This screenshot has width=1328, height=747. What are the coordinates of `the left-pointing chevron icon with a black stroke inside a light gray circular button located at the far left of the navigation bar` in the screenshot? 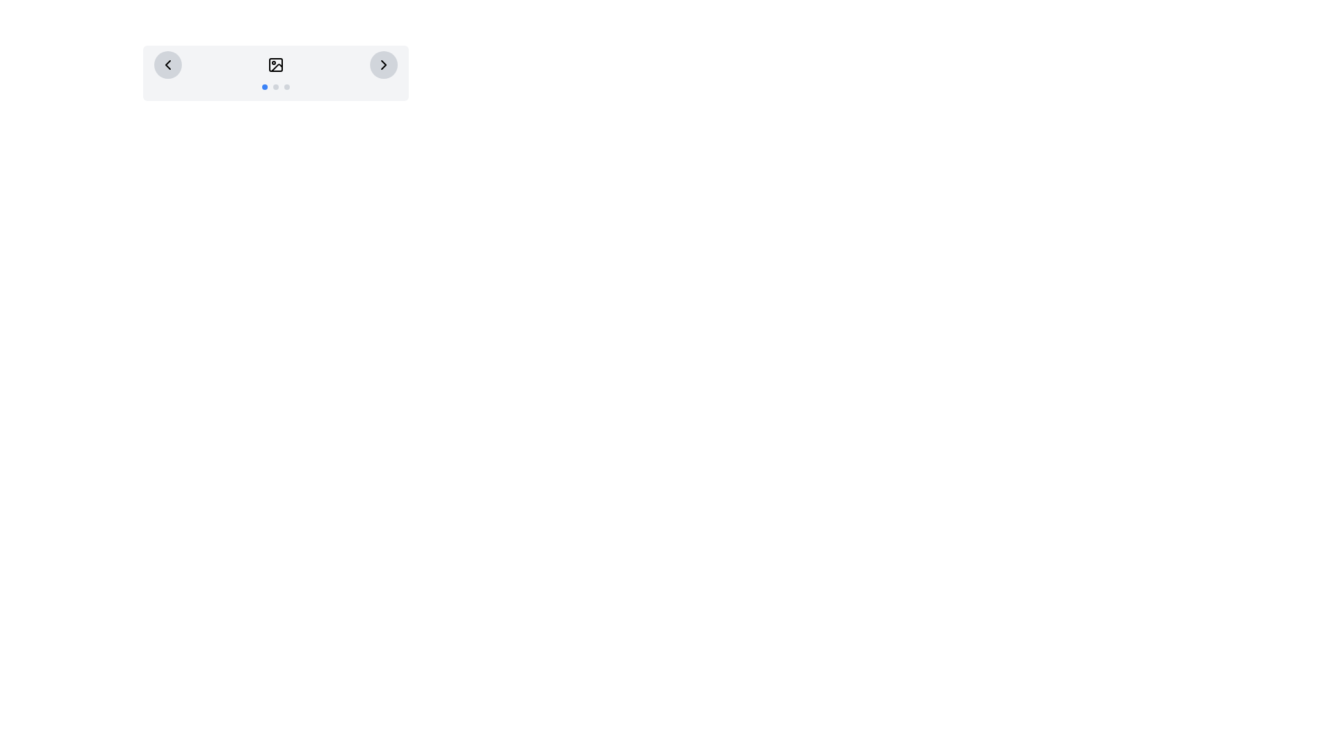 It's located at (167, 64).